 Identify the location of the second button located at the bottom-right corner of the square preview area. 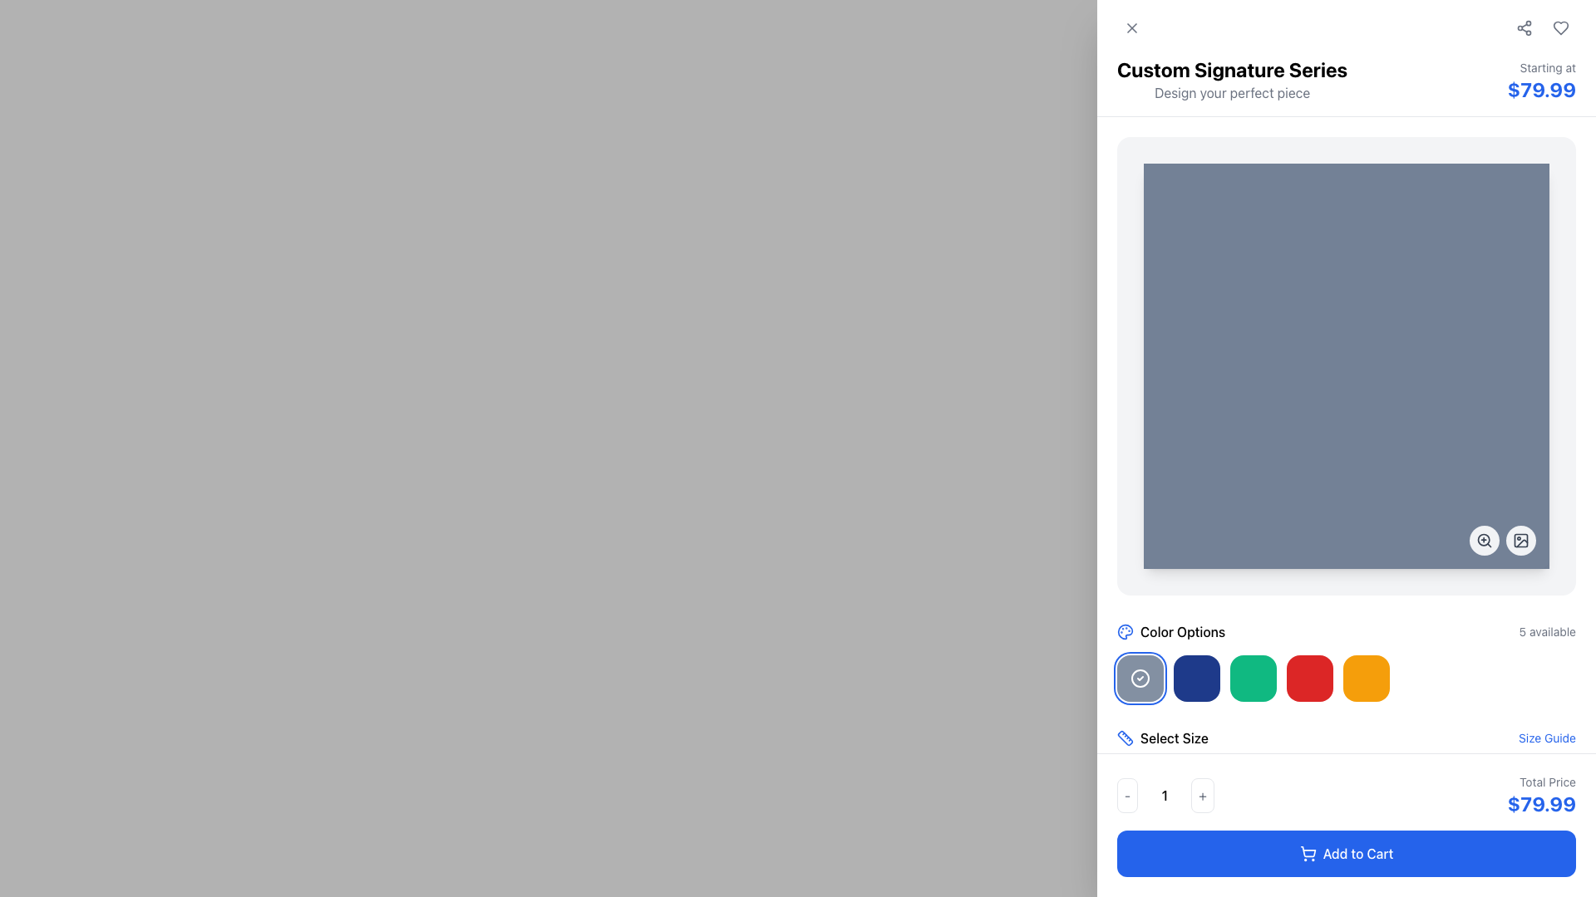
(1503, 541).